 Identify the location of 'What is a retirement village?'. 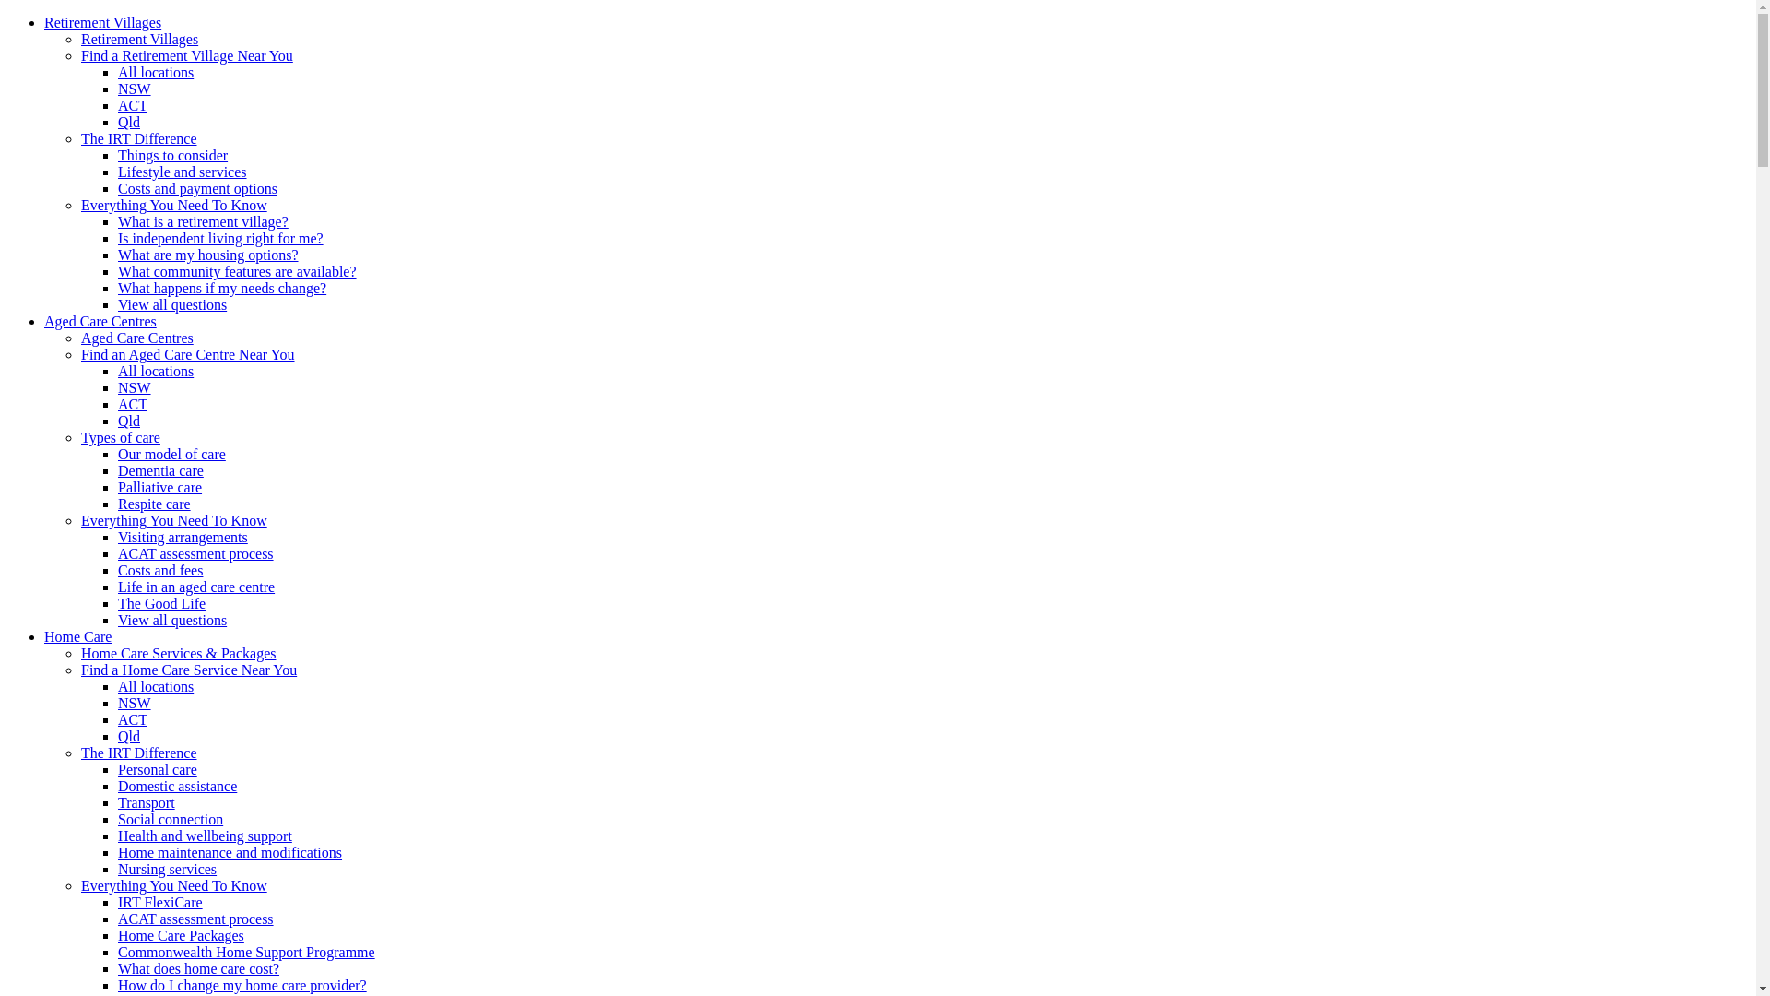
(117, 220).